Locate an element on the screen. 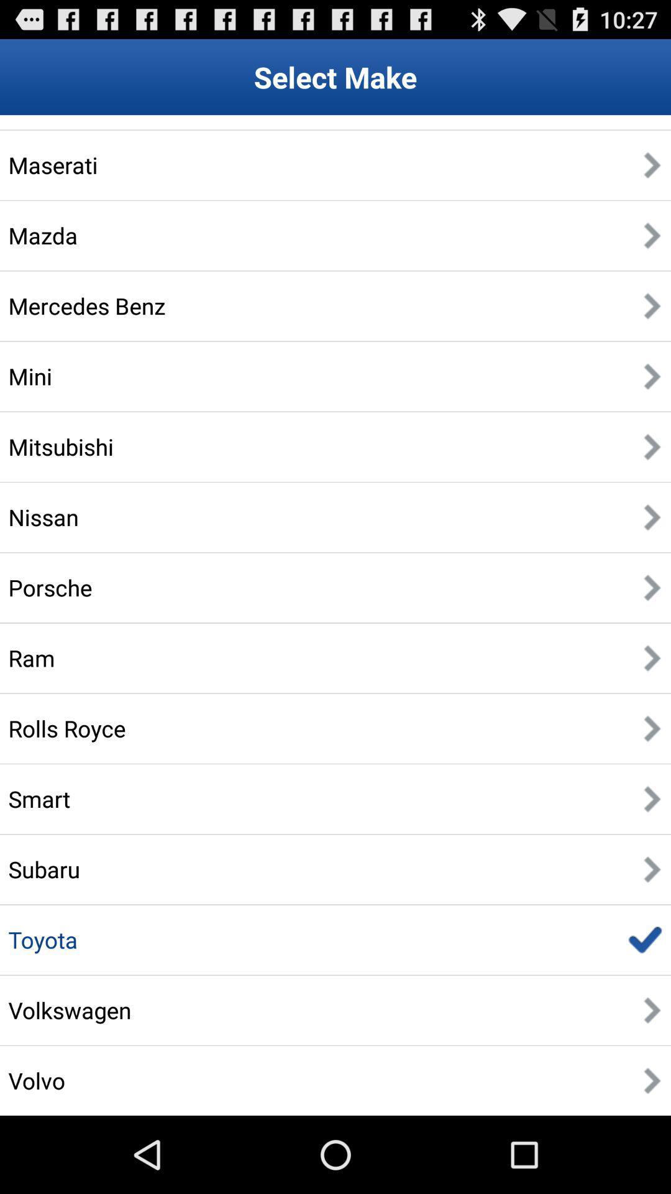 The width and height of the screenshot is (671, 1194). the volkswagen is located at coordinates (70, 1010).